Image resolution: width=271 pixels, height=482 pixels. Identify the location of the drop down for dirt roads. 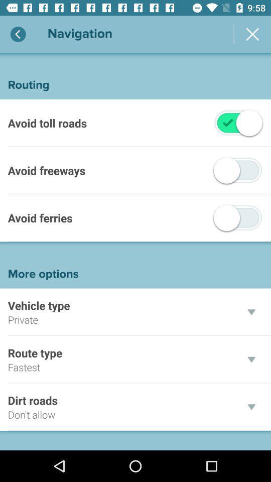
(251, 407).